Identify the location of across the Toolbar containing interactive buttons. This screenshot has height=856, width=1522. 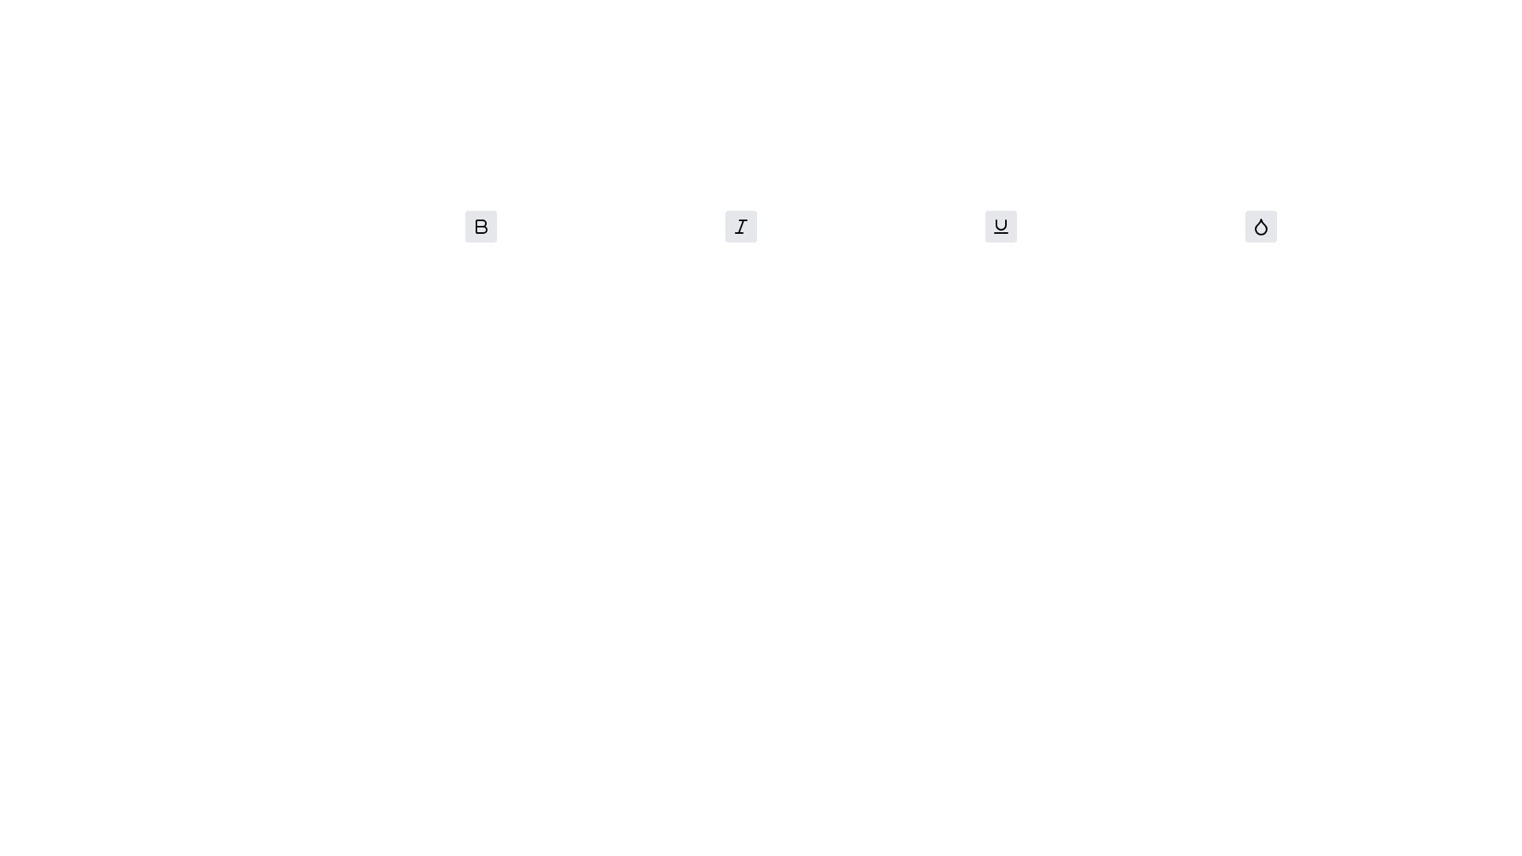
(870, 232).